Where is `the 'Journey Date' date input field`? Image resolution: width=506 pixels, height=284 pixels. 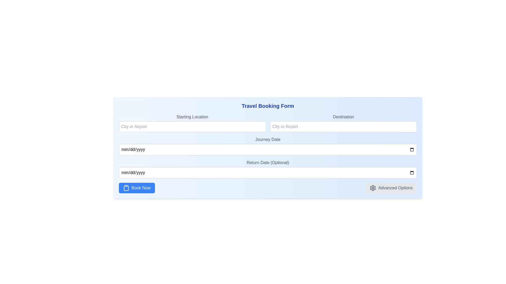 the 'Journey Date' date input field is located at coordinates (268, 146).